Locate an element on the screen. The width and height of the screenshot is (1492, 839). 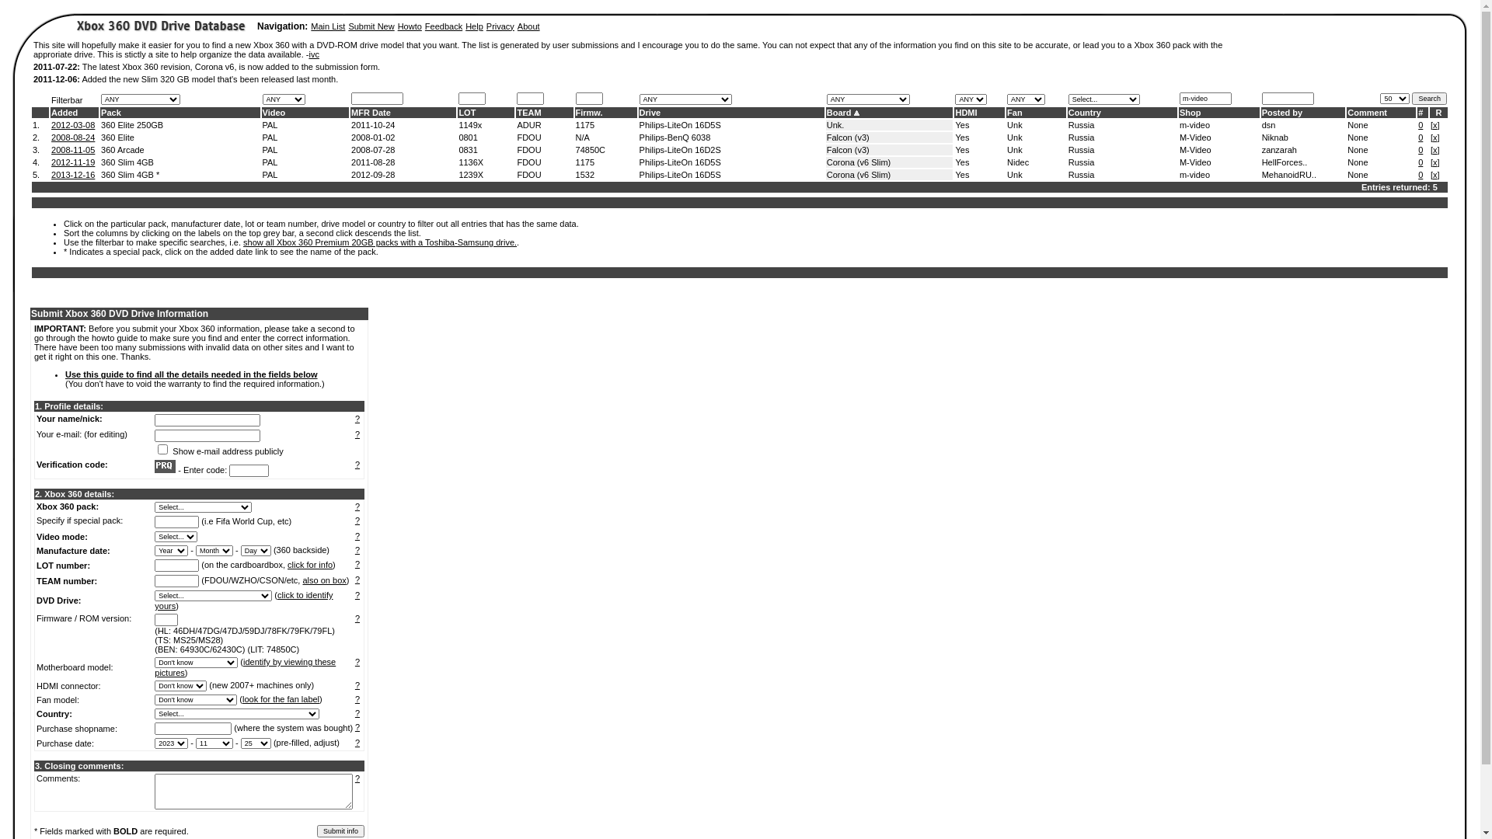
'2011-10-24' is located at coordinates (373, 124).